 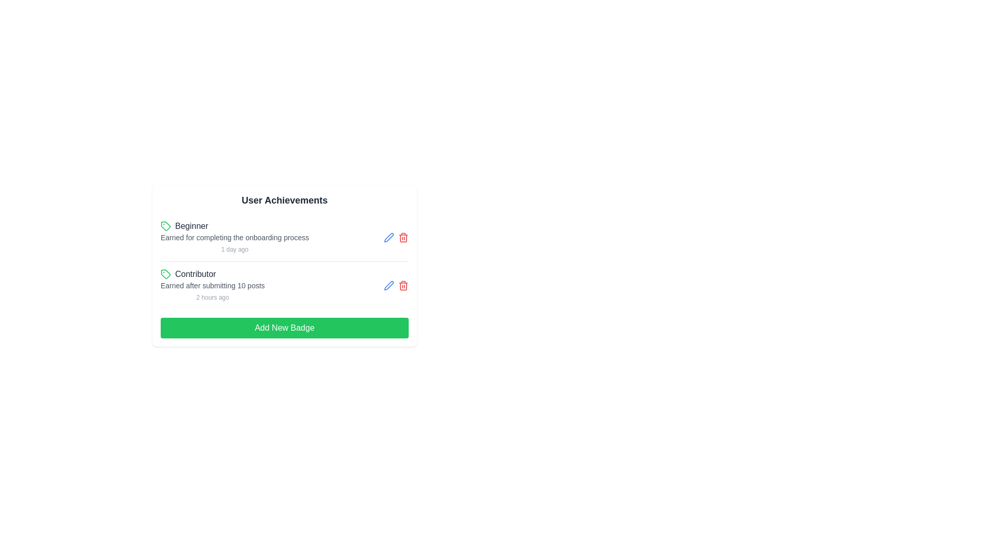 What do you see at coordinates (285, 328) in the screenshot?
I see `the 'Add New Badge' button located at the bottom of the 'User Achievements' section` at bounding box center [285, 328].